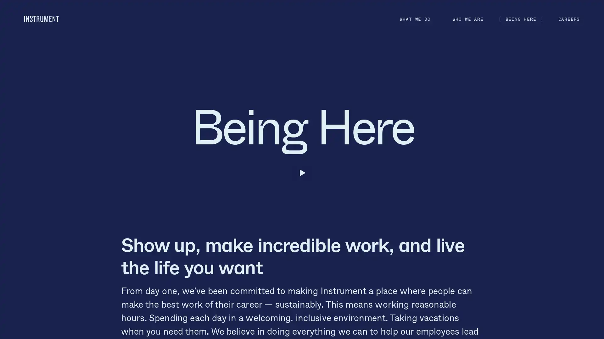 The height and width of the screenshot is (339, 604). What do you see at coordinates (24, 173) in the screenshot?
I see `Play/pause inline video` at bounding box center [24, 173].